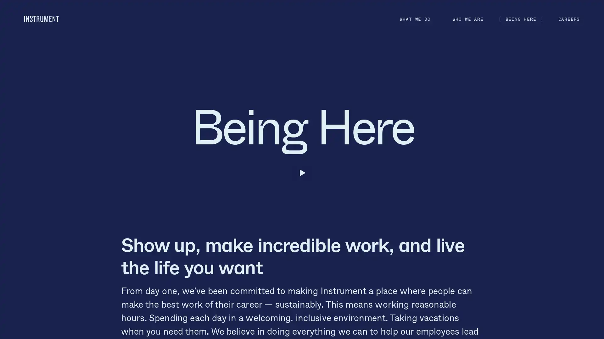 The height and width of the screenshot is (339, 604). What do you see at coordinates (24, 173) in the screenshot?
I see `Play/pause inline video` at bounding box center [24, 173].